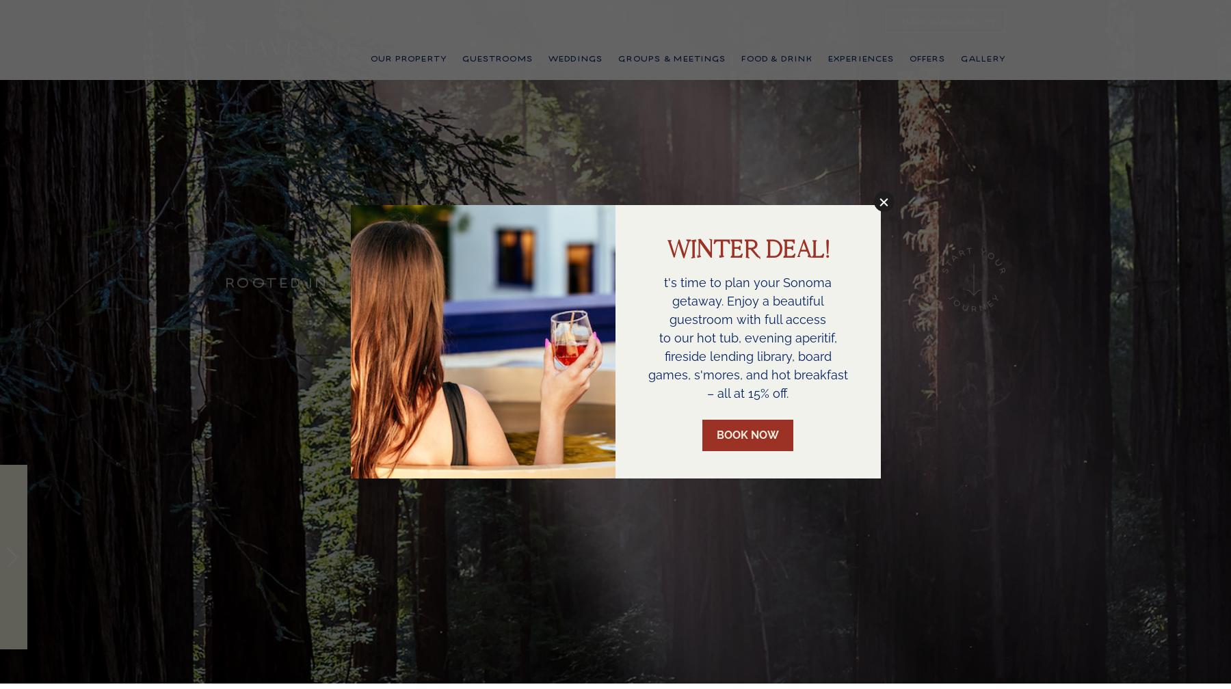 The image size is (1231, 689). What do you see at coordinates (926, 77) in the screenshot?
I see `'Offers'` at bounding box center [926, 77].